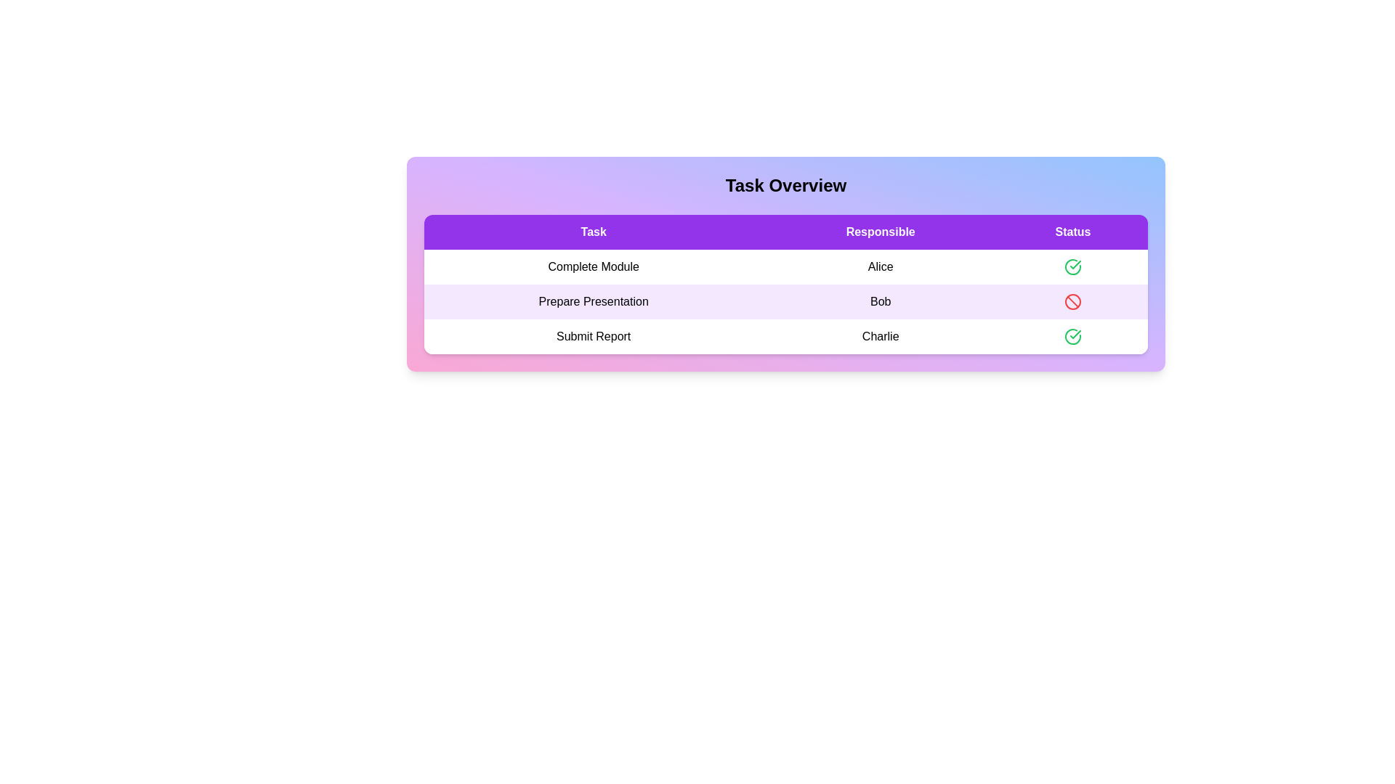  Describe the element at coordinates (880, 266) in the screenshot. I see `the text label displaying the name 'Alice' in the 'Responsible' column of the 'Complete Module' task table` at that location.